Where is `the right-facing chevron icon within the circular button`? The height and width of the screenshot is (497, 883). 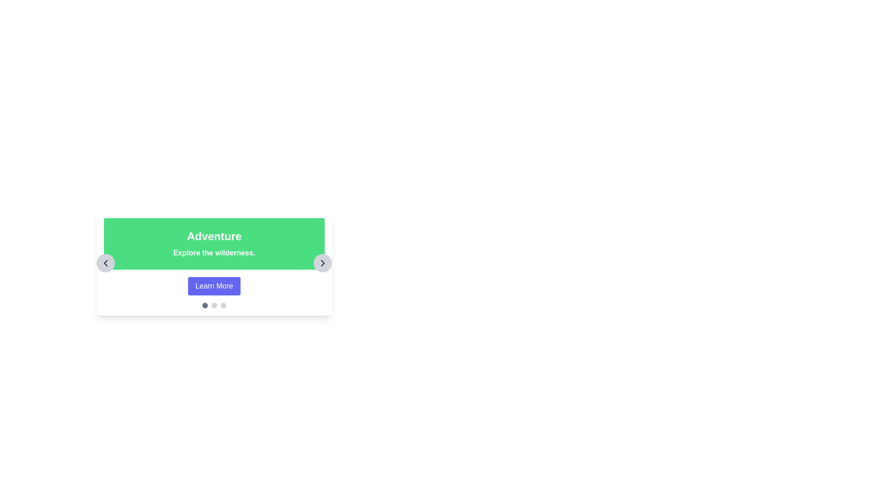
the right-facing chevron icon within the circular button is located at coordinates (322, 263).